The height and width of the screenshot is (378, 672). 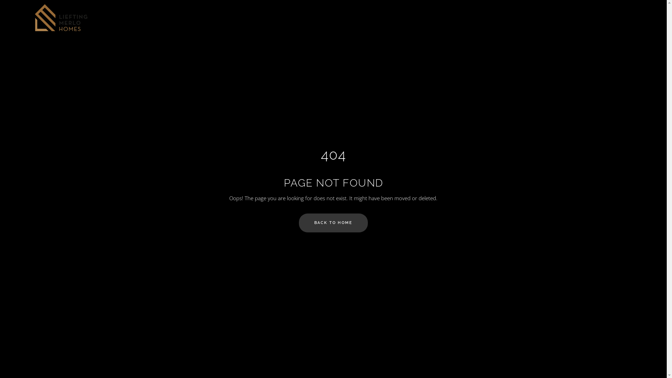 I want to click on 'BACK TO HOME', so click(x=299, y=223).